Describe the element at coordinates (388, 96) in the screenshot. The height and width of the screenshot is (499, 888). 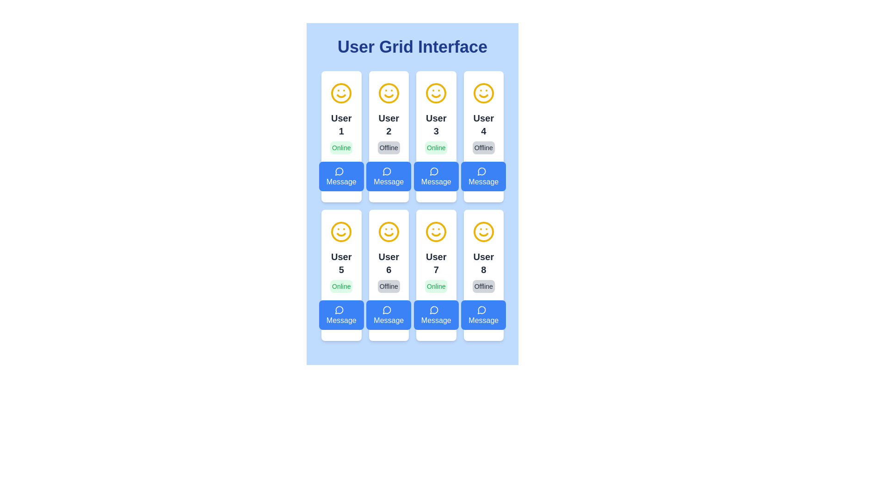
I see `the mouth of the smiling face icon, which is located in the second column of the top row within a grid layout, to convey a cheerful mood` at that location.